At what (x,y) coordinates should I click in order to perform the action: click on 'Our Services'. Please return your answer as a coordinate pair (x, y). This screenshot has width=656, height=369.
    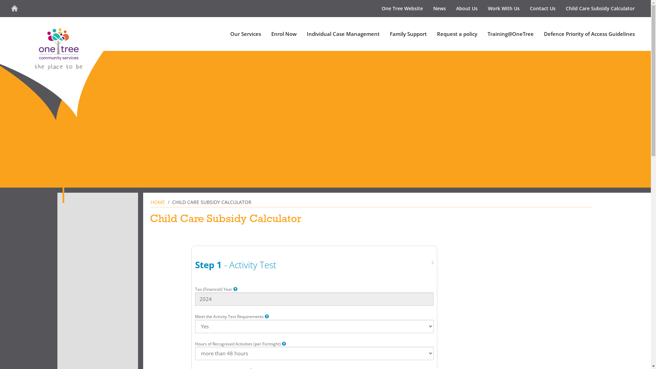
    Looking at the image, I should click on (225, 34).